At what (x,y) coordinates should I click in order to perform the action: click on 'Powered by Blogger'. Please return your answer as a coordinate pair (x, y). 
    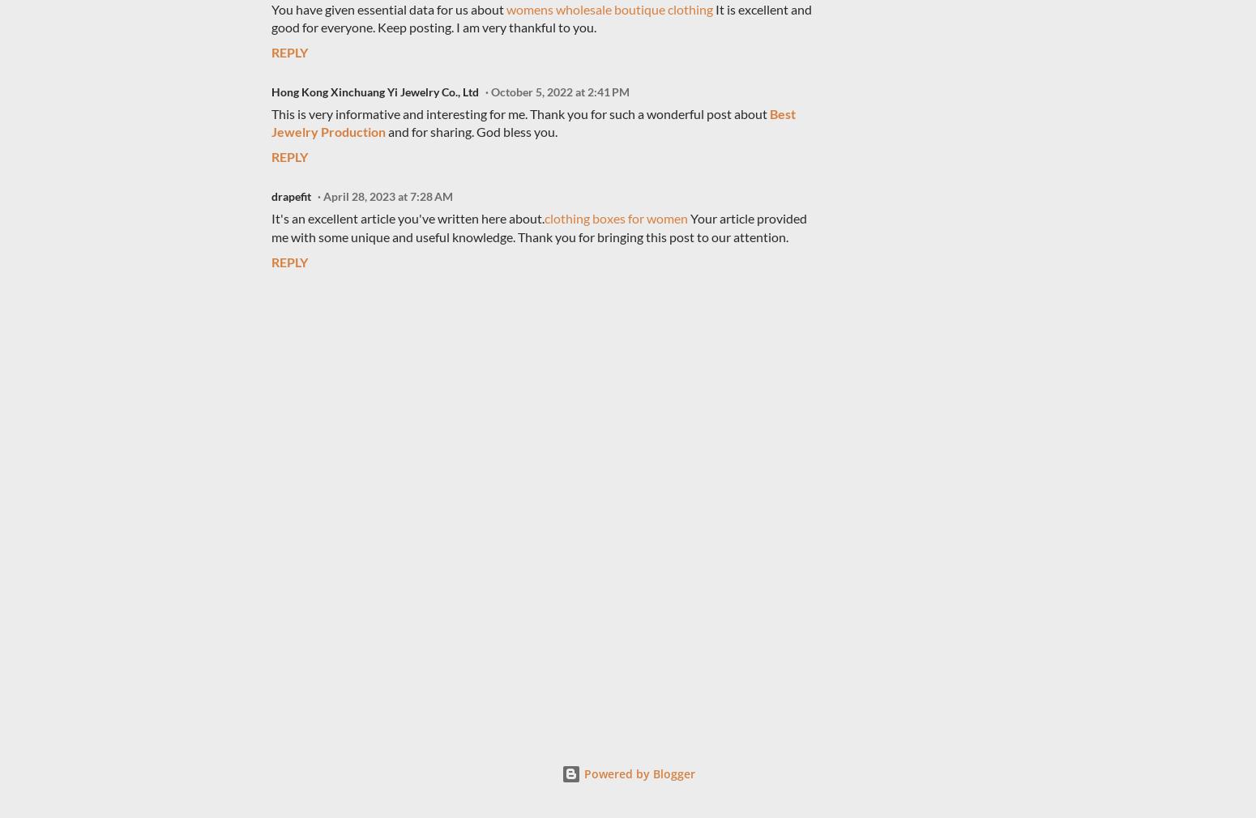
    Looking at the image, I should click on (636, 773).